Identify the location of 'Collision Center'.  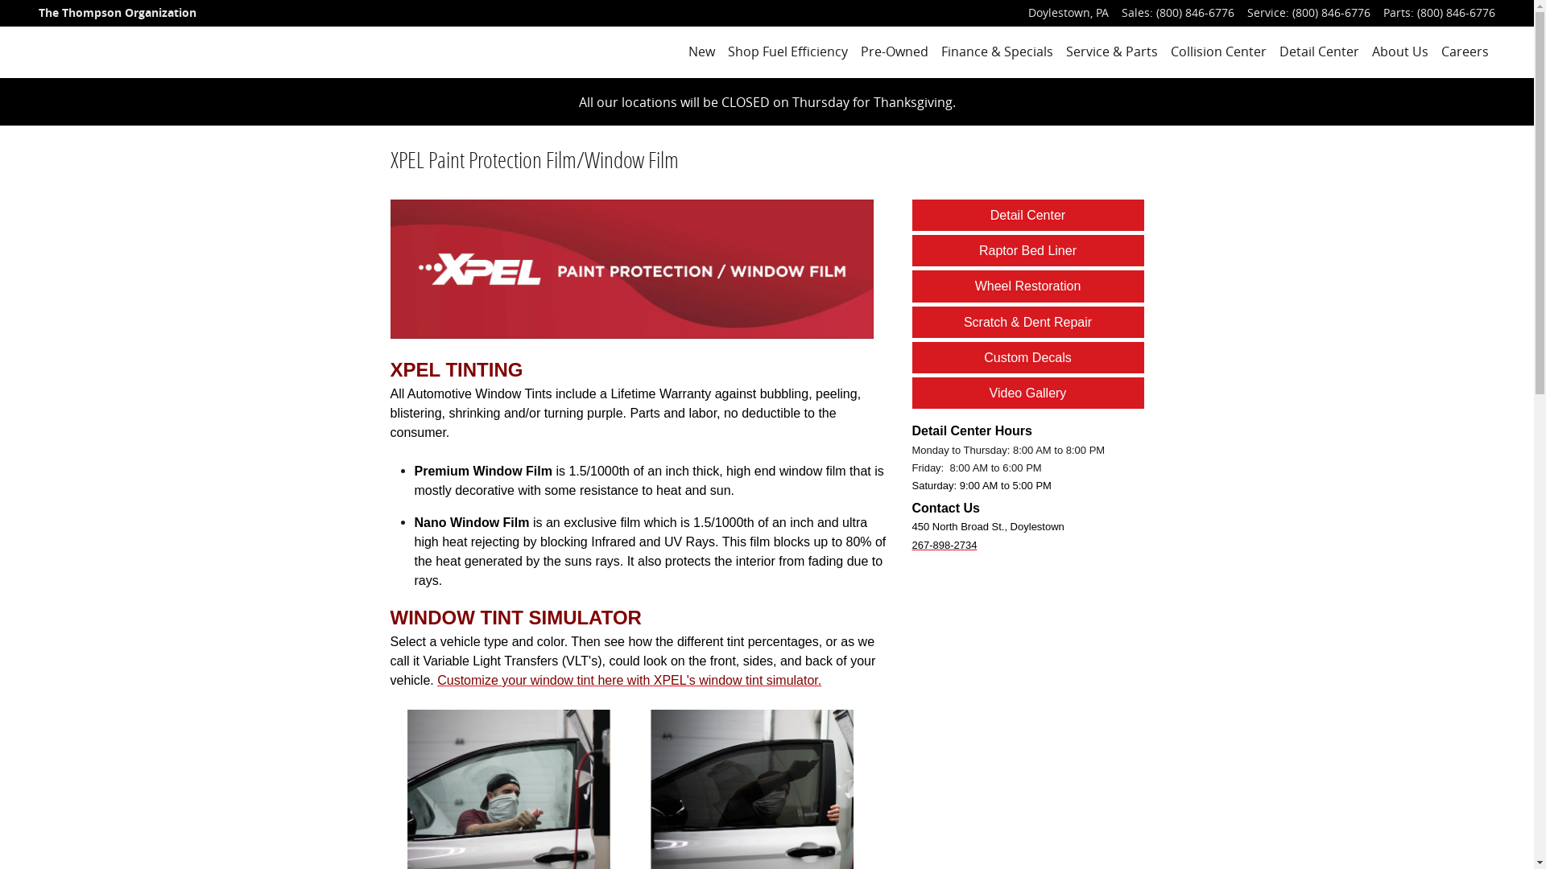
(1218, 51).